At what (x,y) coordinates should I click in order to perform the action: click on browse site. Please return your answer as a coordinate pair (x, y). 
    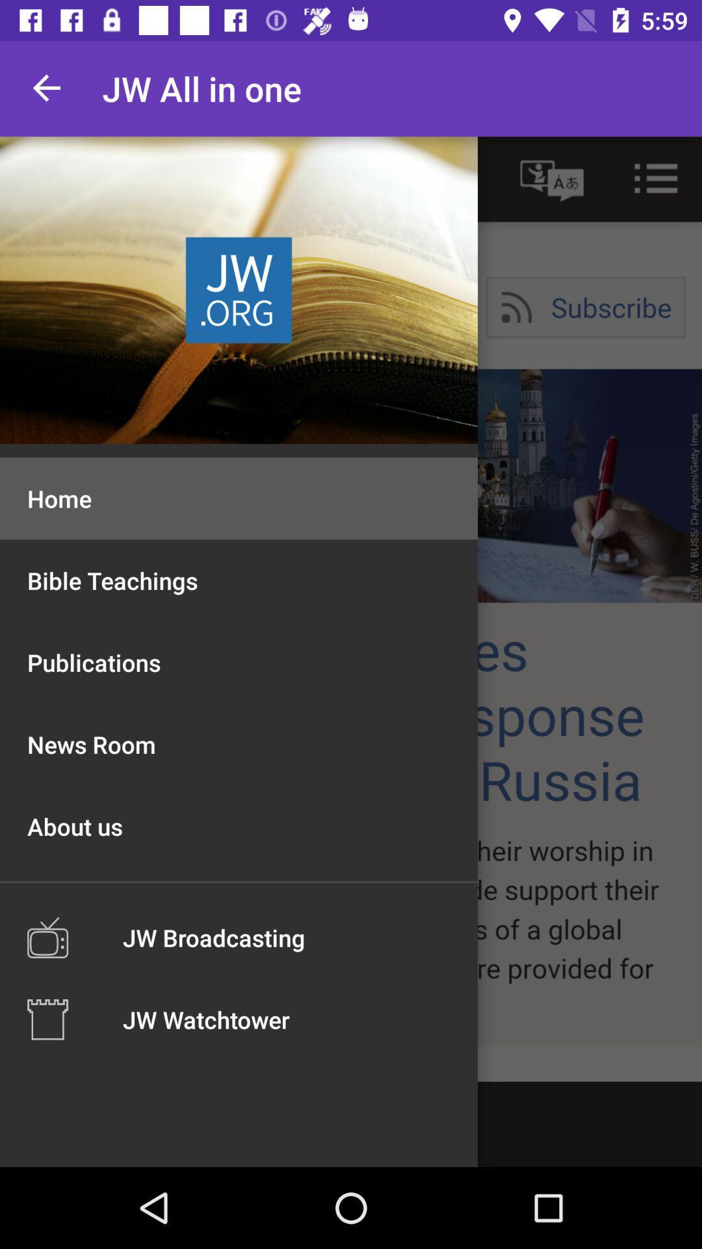
    Looking at the image, I should click on (351, 608).